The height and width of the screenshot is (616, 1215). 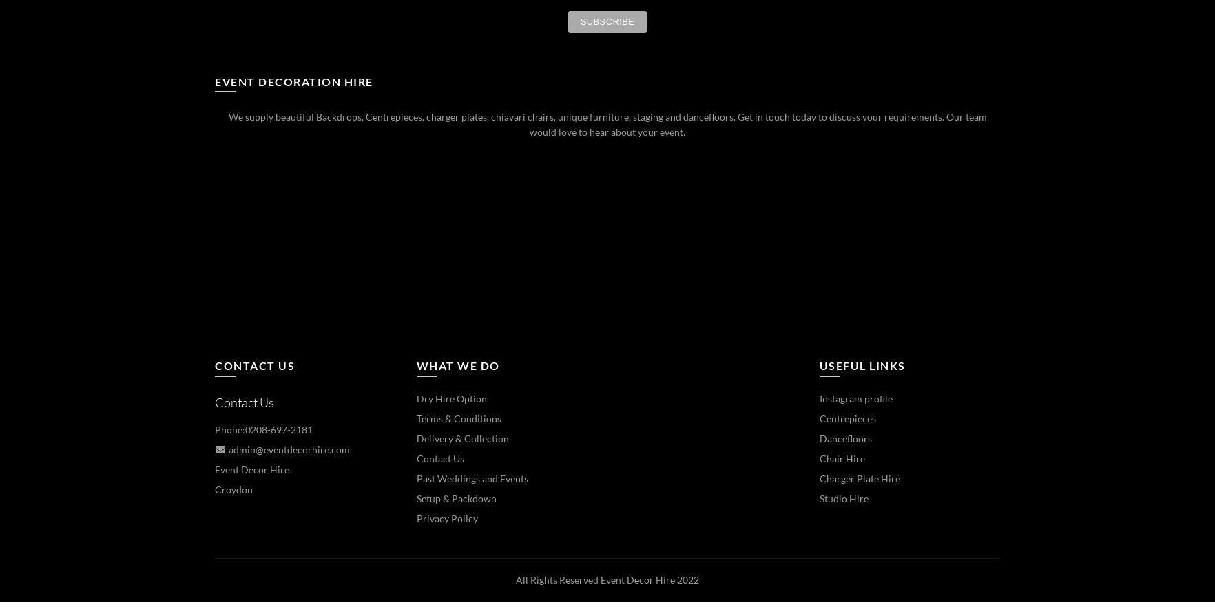 What do you see at coordinates (415, 517) in the screenshot?
I see `'Privacy Policy'` at bounding box center [415, 517].